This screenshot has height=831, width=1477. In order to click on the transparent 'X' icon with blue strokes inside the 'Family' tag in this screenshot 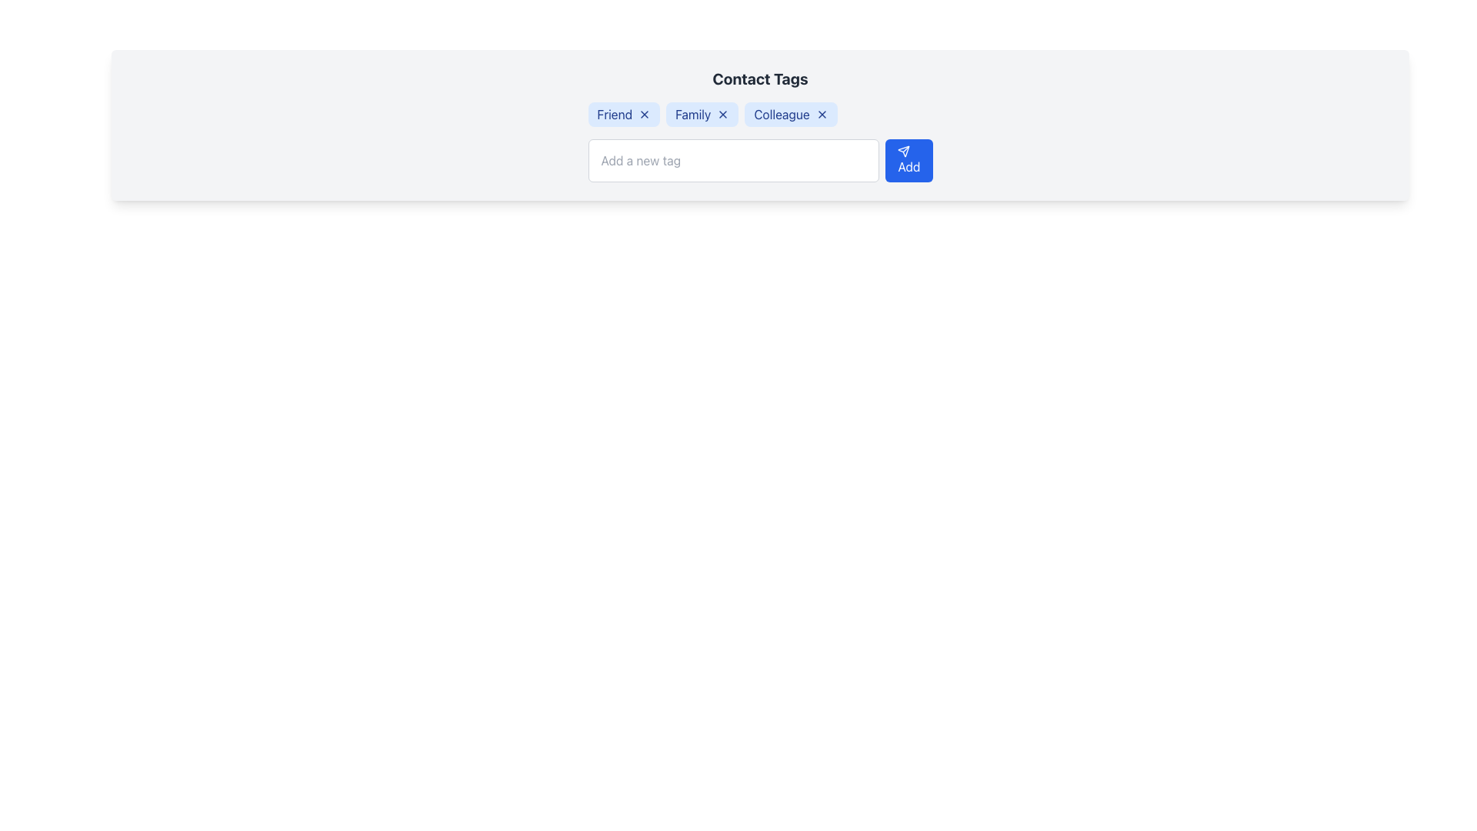, I will do `click(722, 114)`.